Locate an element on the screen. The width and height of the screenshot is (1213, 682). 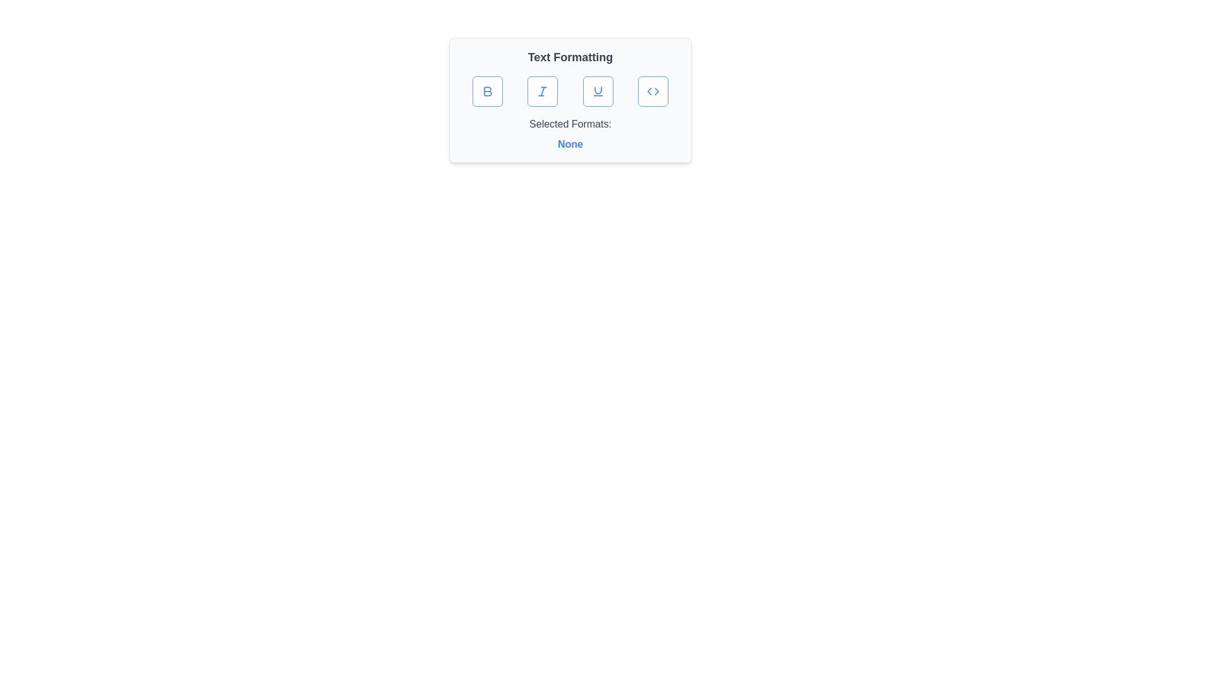
the italic button to toggle italic formatting is located at coordinates (543, 91).